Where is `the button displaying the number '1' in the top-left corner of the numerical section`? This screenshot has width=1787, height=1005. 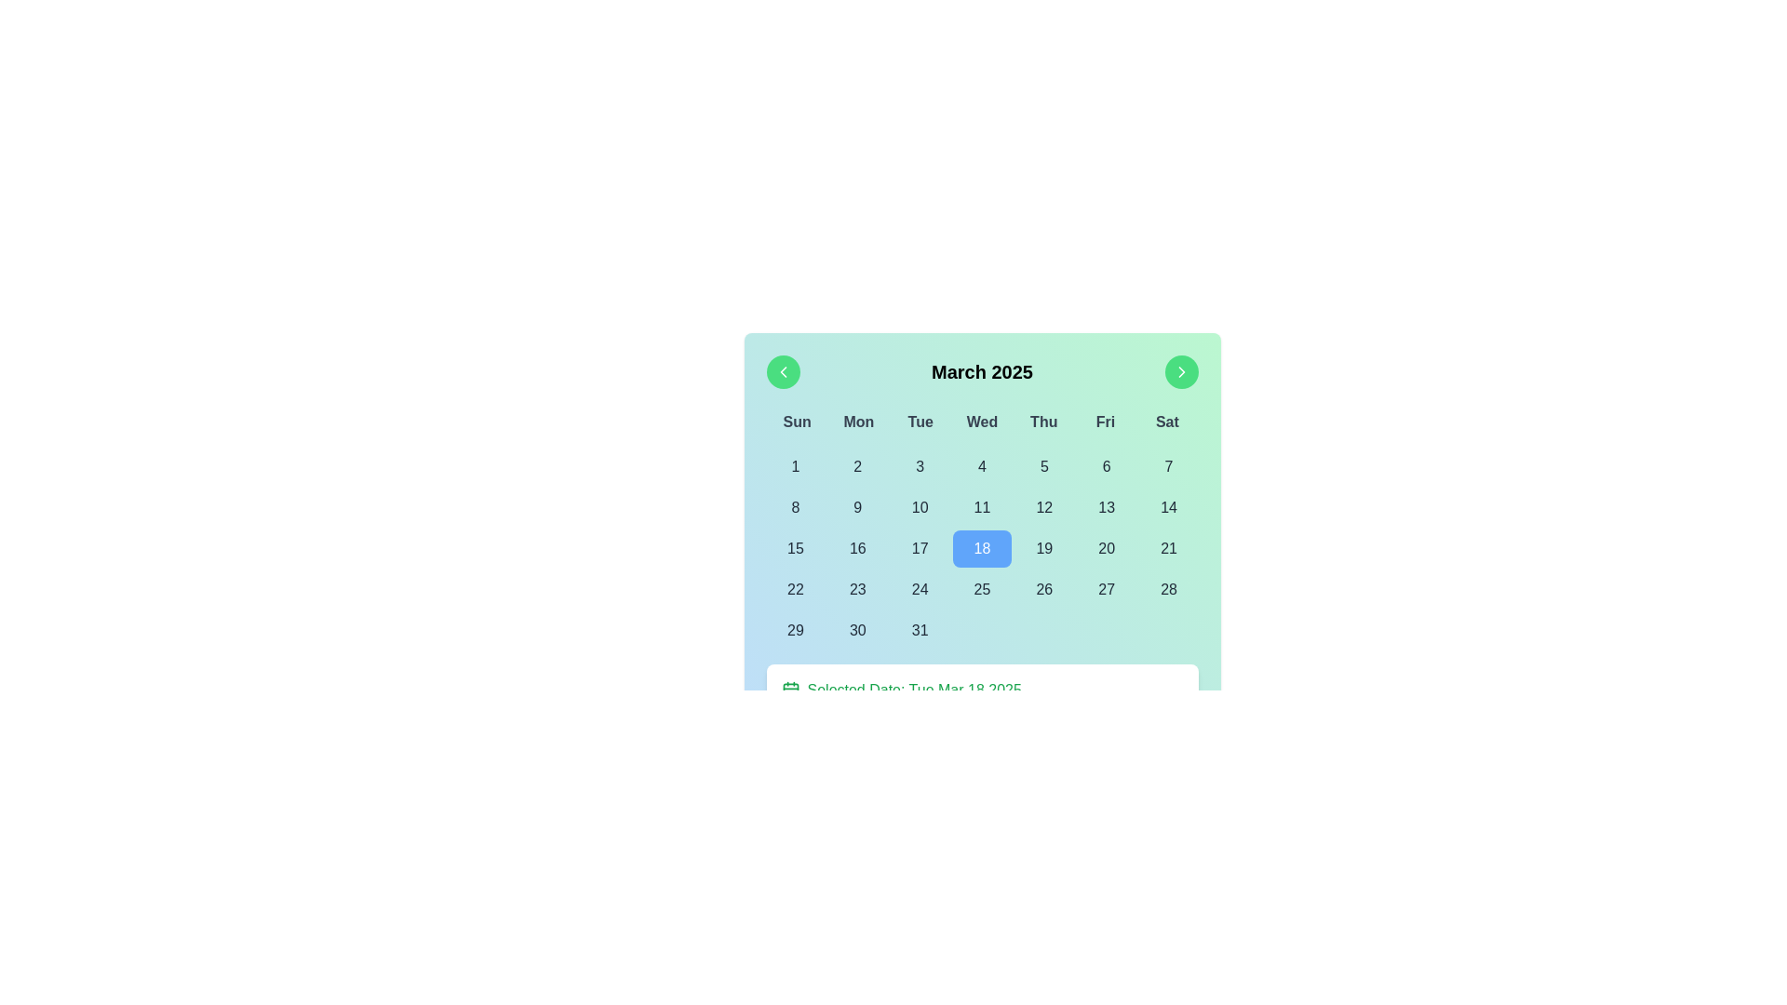
the button displaying the number '1' in the top-left corner of the numerical section is located at coordinates (795, 465).